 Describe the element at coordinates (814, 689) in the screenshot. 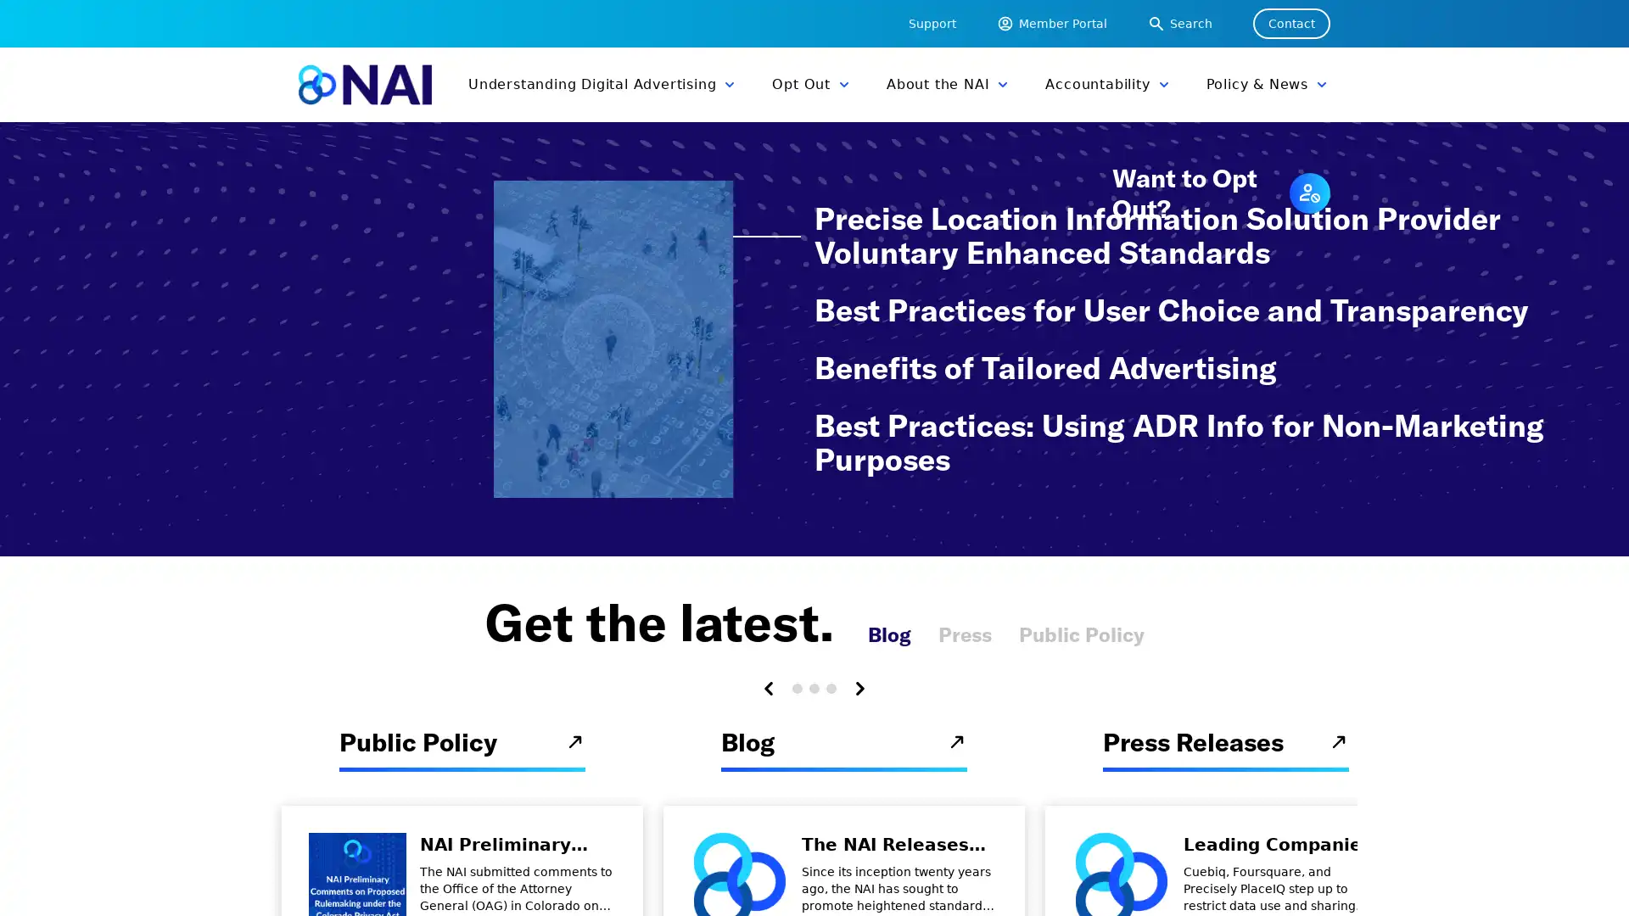

I see `Carousel Page 2` at that location.